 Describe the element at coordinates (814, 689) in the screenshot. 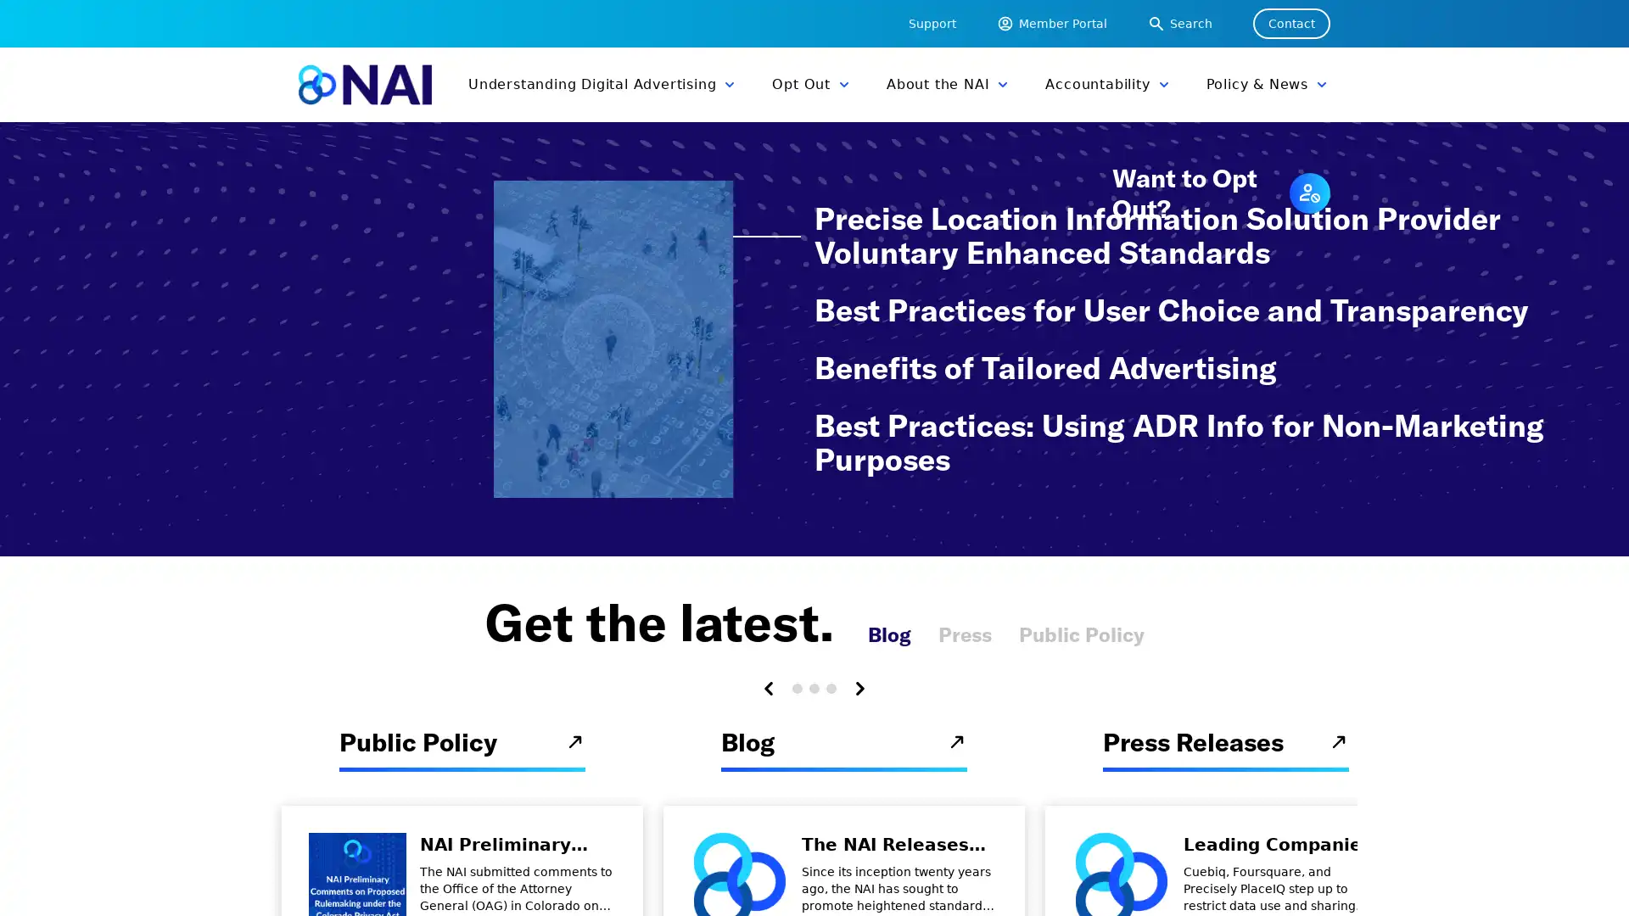

I see `Carousel Page 2` at that location.